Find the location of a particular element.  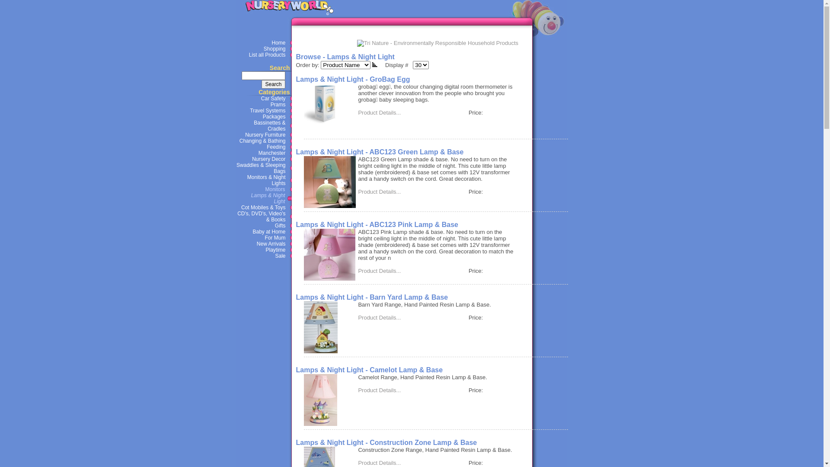

'Travel Systems' is located at coordinates (235, 110).